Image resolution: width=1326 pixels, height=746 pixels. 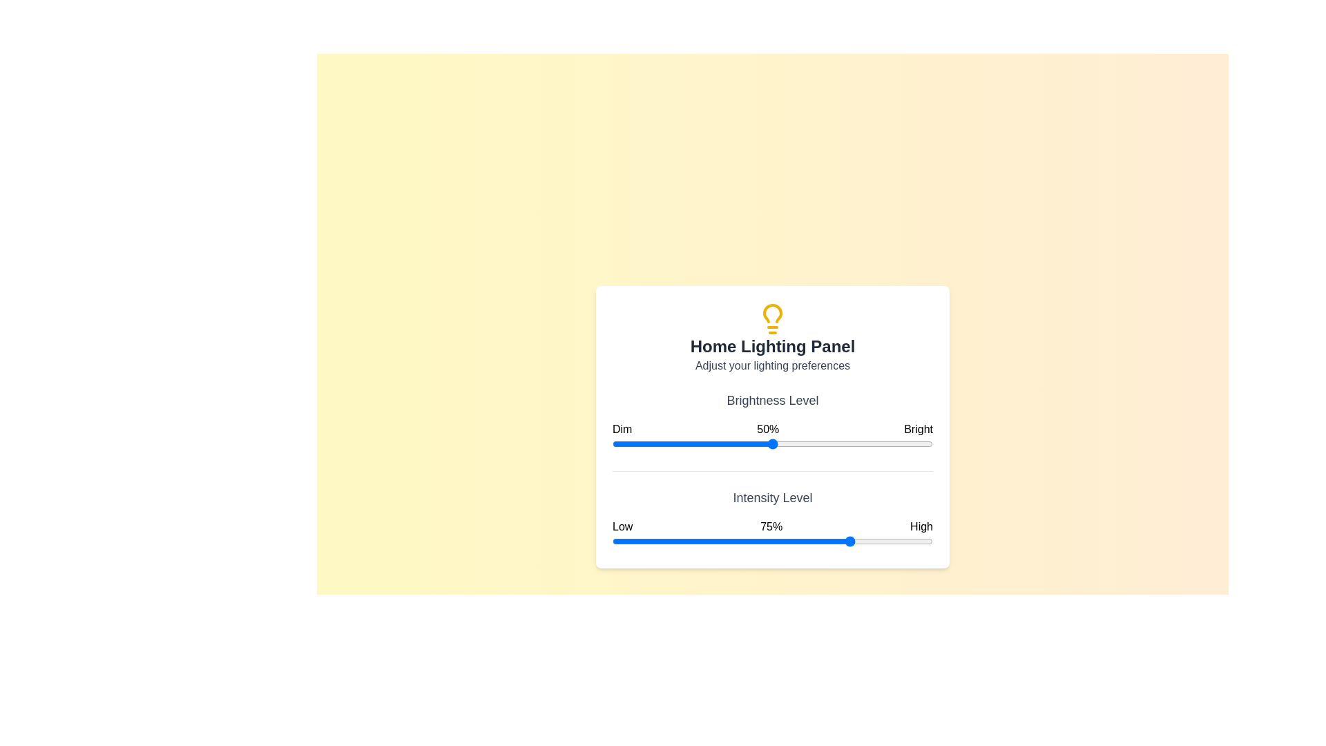 What do you see at coordinates (771, 425) in the screenshot?
I see `the sliders on the white panel with rounded edges` at bounding box center [771, 425].